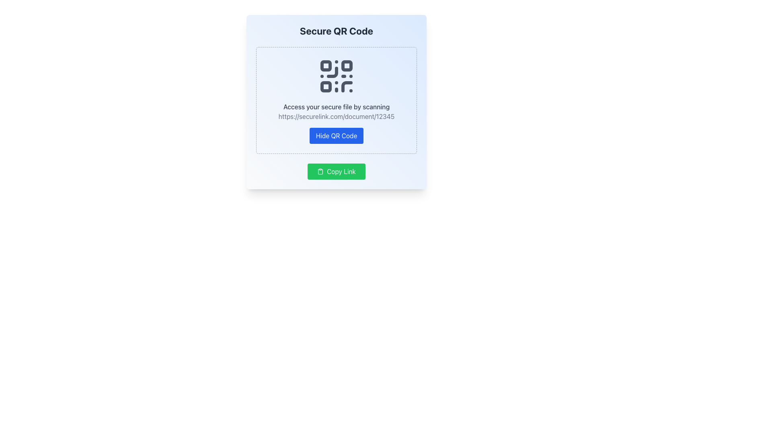 This screenshot has height=434, width=772. What do you see at coordinates (336, 106) in the screenshot?
I see `the text element reading 'Access your secure file by scanning', which is styled with a gray font and positioned centrally above a QR code` at bounding box center [336, 106].